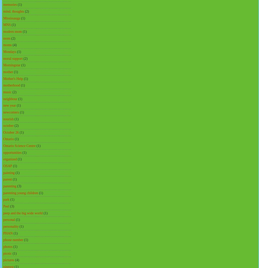 The height and width of the screenshot is (268, 259). What do you see at coordinates (9, 172) in the screenshot?
I see `'painting'` at bounding box center [9, 172].